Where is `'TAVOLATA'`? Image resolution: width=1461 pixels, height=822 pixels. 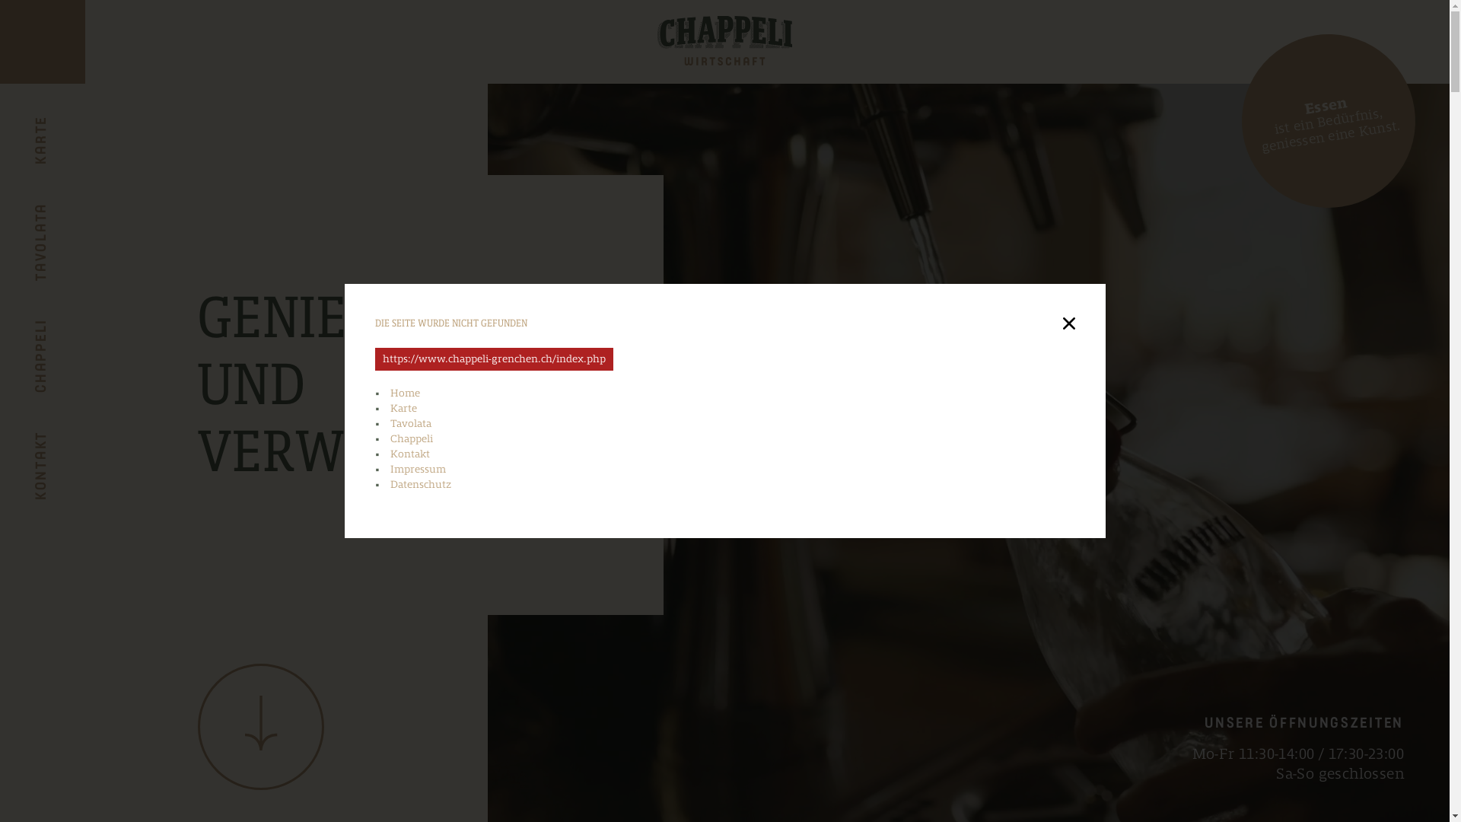 'TAVOLATA' is located at coordinates (68, 214).